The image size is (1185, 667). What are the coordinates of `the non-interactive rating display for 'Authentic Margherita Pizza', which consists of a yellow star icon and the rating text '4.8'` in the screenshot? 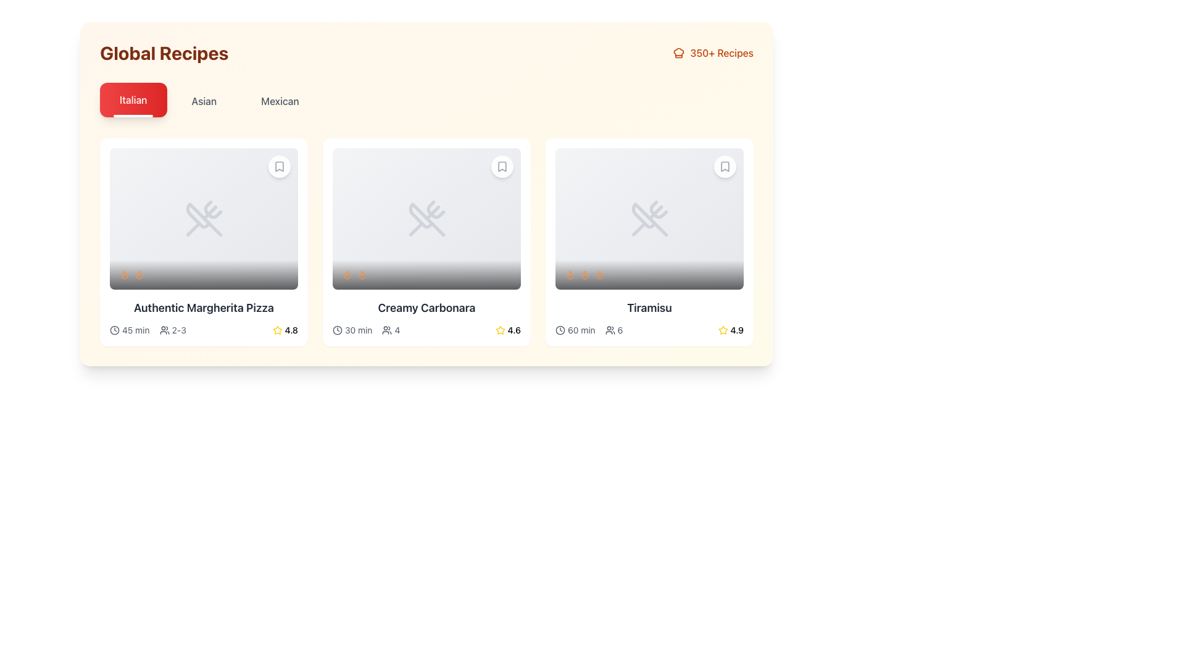 It's located at (285, 329).